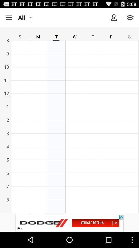  What do you see at coordinates (130, 19) in the screenshot?
I see `the layers icon` at bounding box center [130, 19].